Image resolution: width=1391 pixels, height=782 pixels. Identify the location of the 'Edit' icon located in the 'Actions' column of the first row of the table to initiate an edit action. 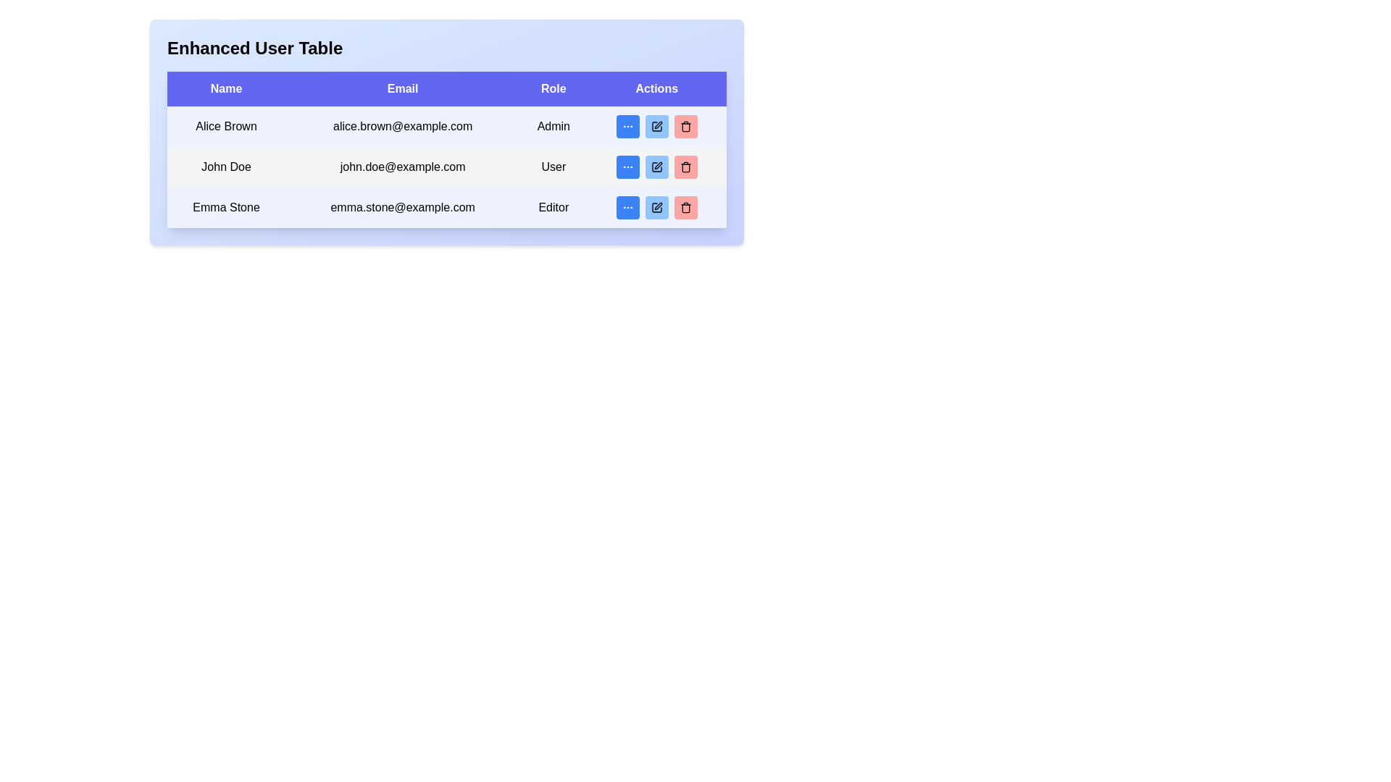
(656, 125).